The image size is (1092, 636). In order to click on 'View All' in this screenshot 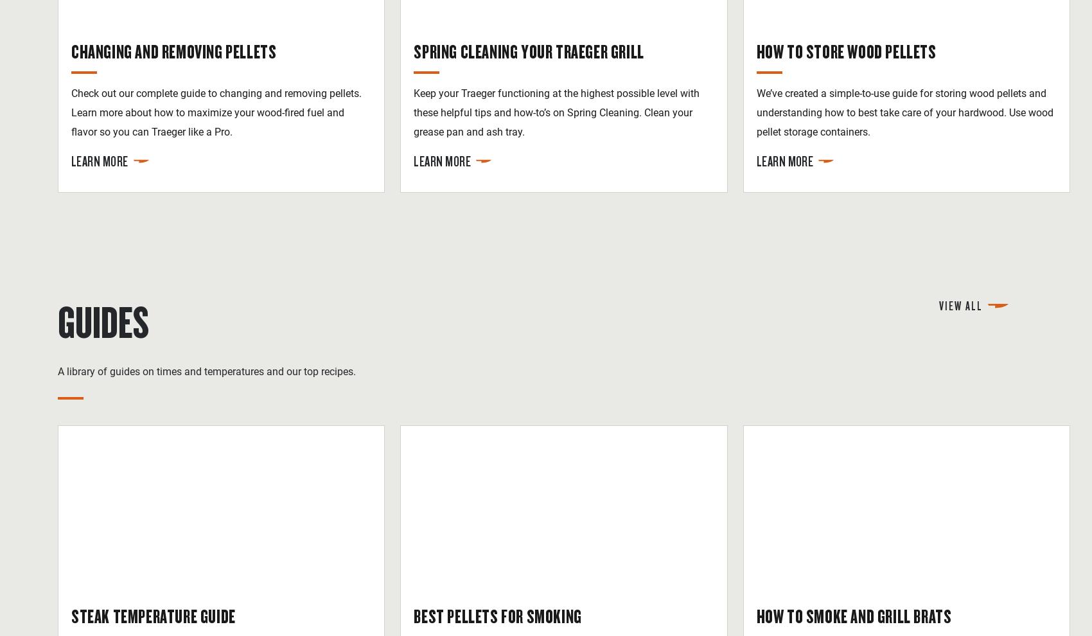, I will do `click(961, 305)`.